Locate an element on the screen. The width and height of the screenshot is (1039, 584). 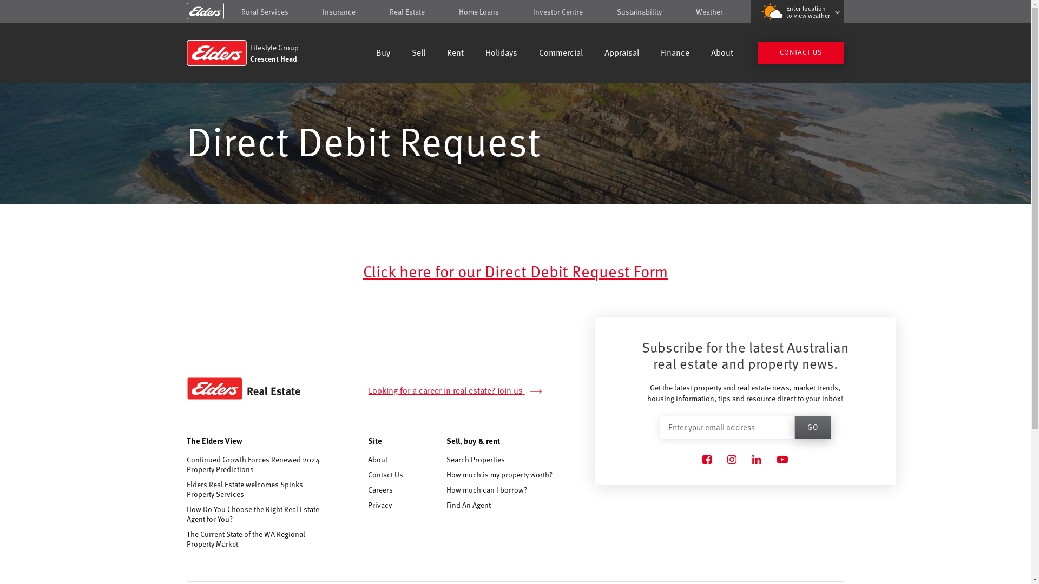
'Insurance' is located at coordinates (338, 11).